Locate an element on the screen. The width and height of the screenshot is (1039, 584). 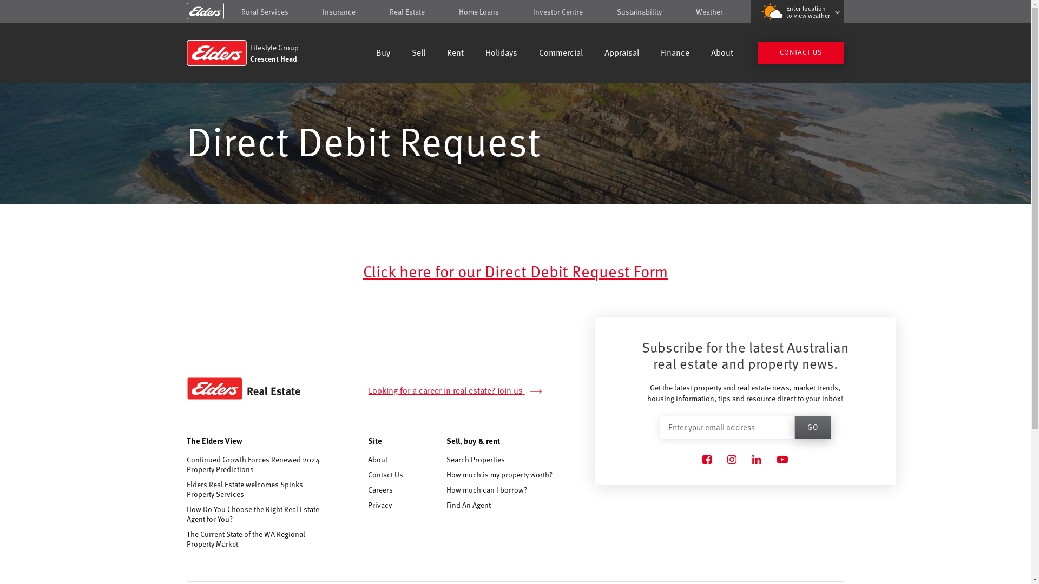
'Insurance' is located at coordinates (338, 11).